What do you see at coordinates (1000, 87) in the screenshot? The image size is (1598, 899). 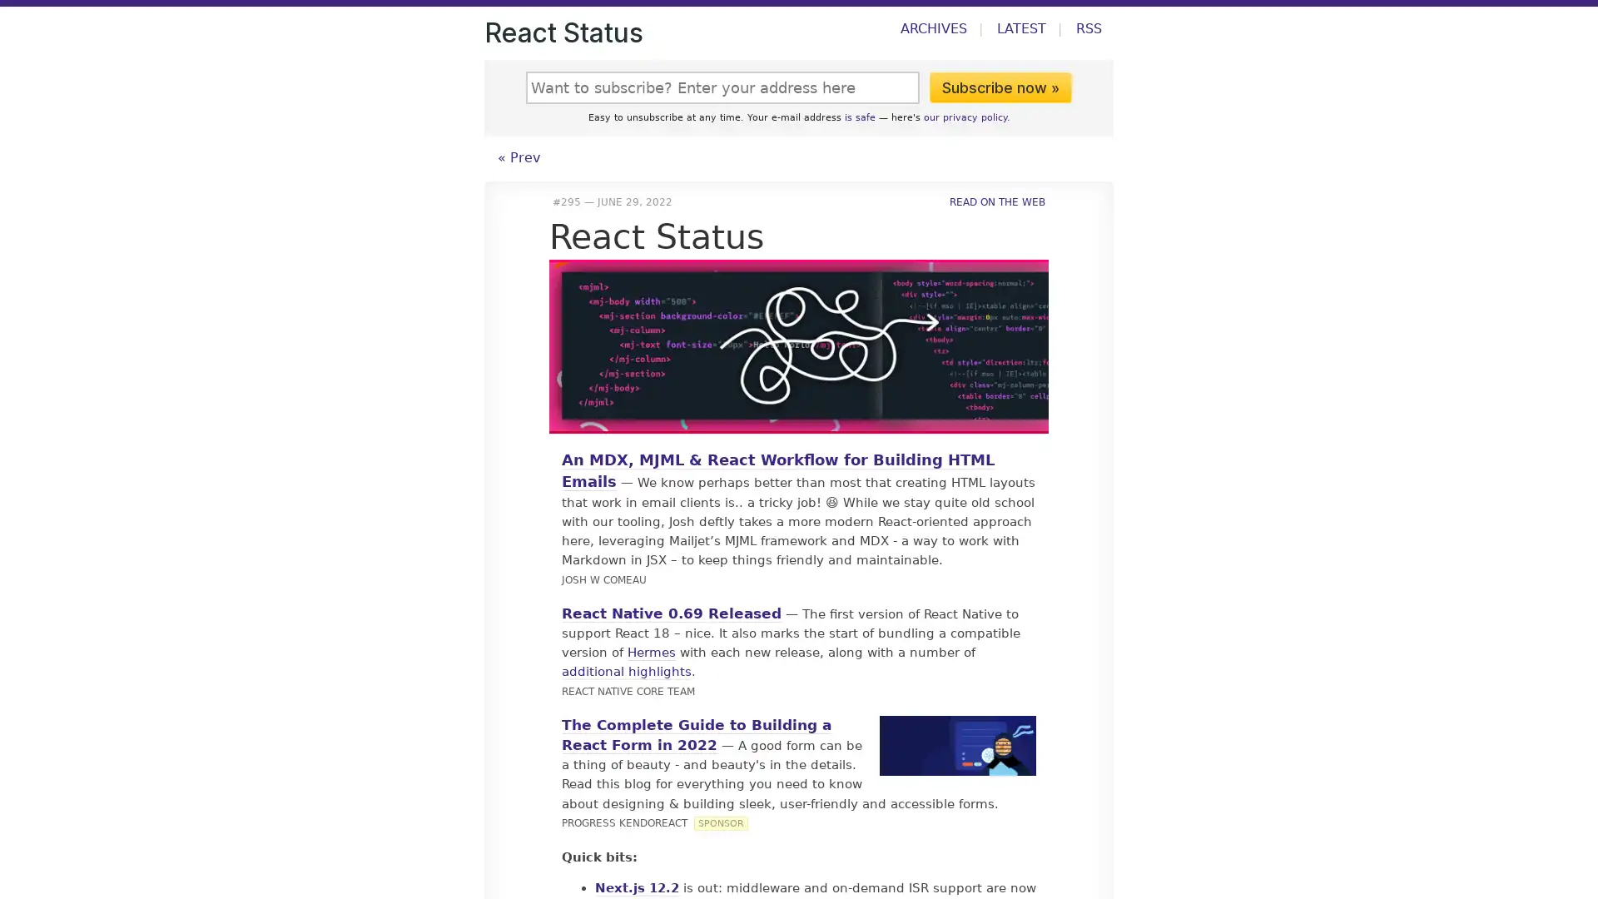 I see `Subscribe now` at bounding box center [1000, 87].